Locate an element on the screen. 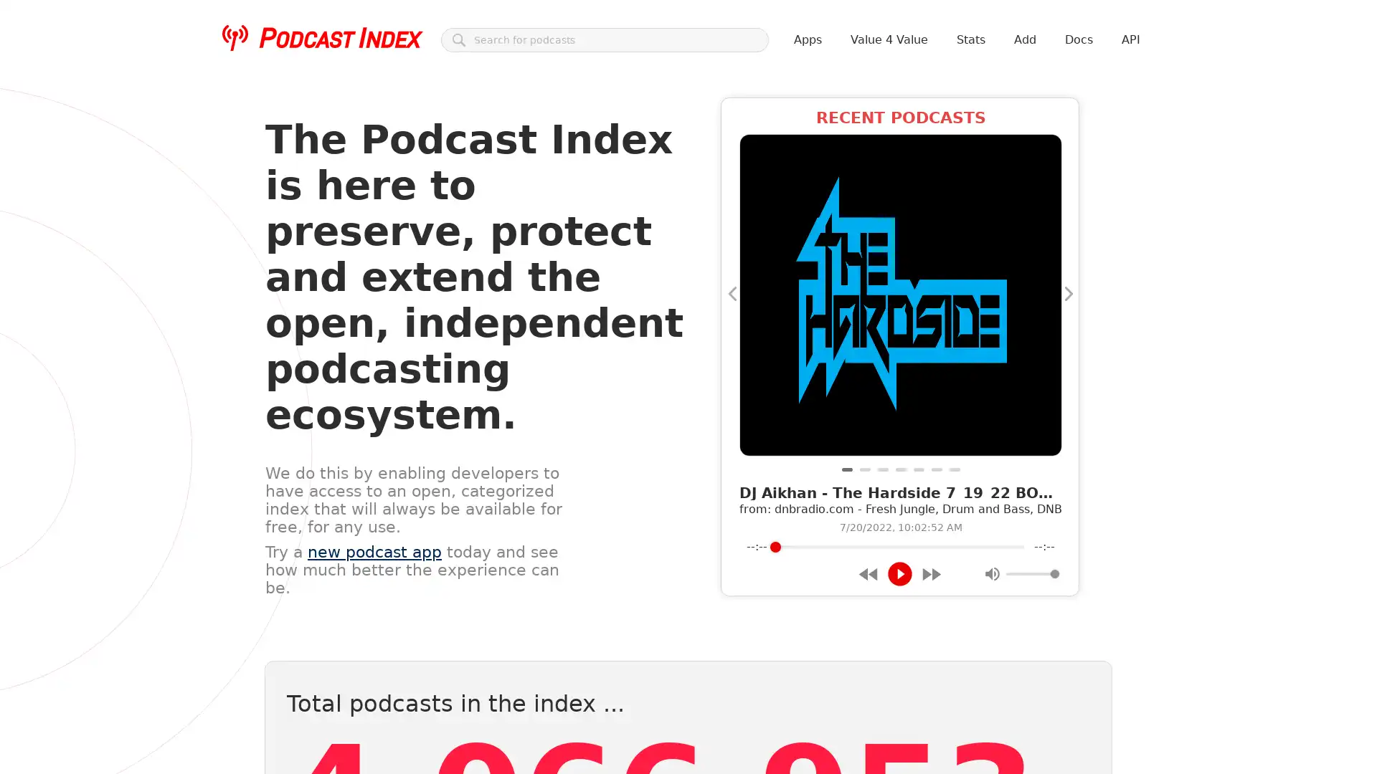  Episode 10 - Websites and Technology at Farmers Markets is located at coordinates (936, 469).